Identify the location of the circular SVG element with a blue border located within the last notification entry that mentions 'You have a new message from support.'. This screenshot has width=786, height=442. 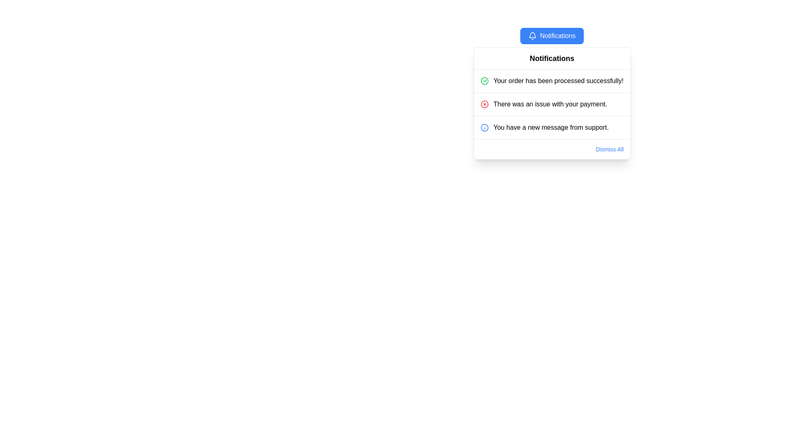
(484, 128).